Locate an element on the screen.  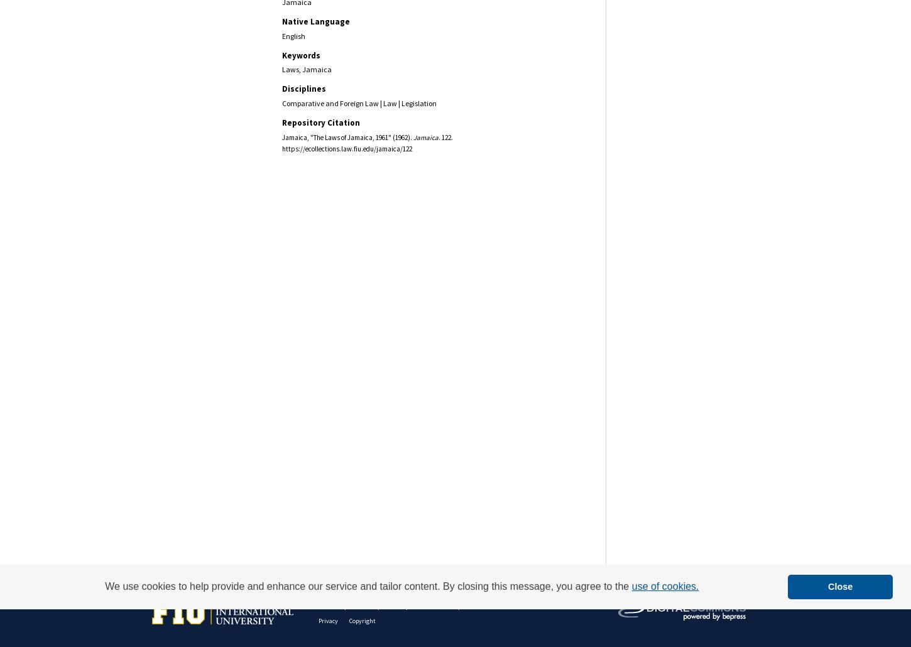
'FAQ' is located at coordinates (392, 604).